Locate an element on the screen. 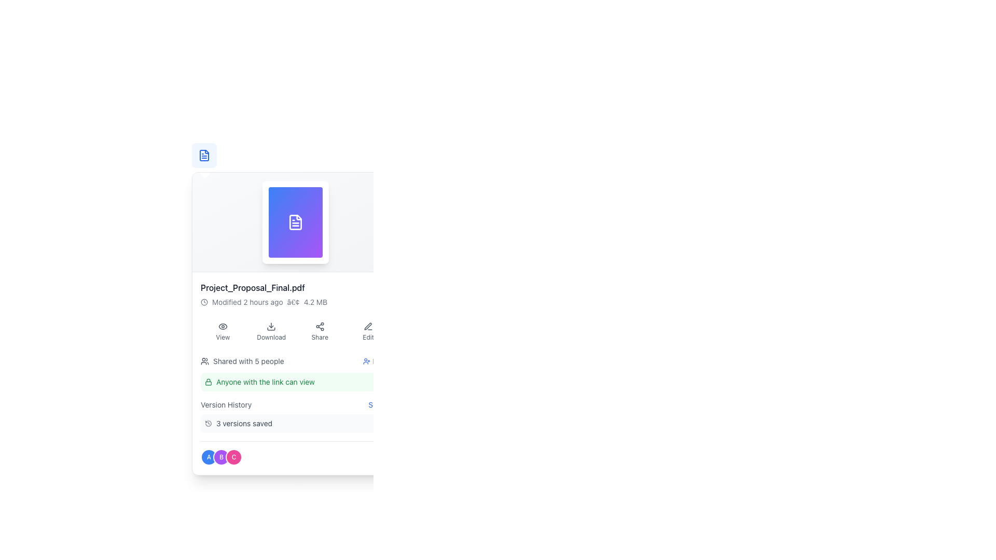 The image size is (996, 560). the text label displaying 'Shared with 5 people', which is positioned to the right of a group icon is located at coordinates (248, 361).